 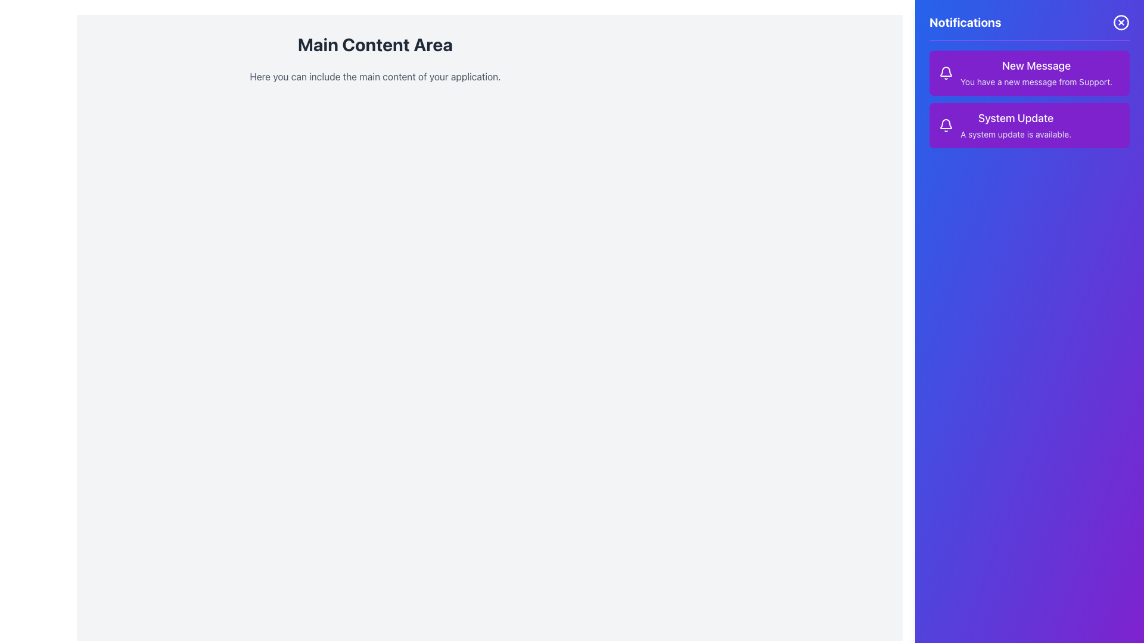 I want to click on the notification icon representing system updates located to the left of the 'System Update' title in the notification card, so click(x=946, y=126).